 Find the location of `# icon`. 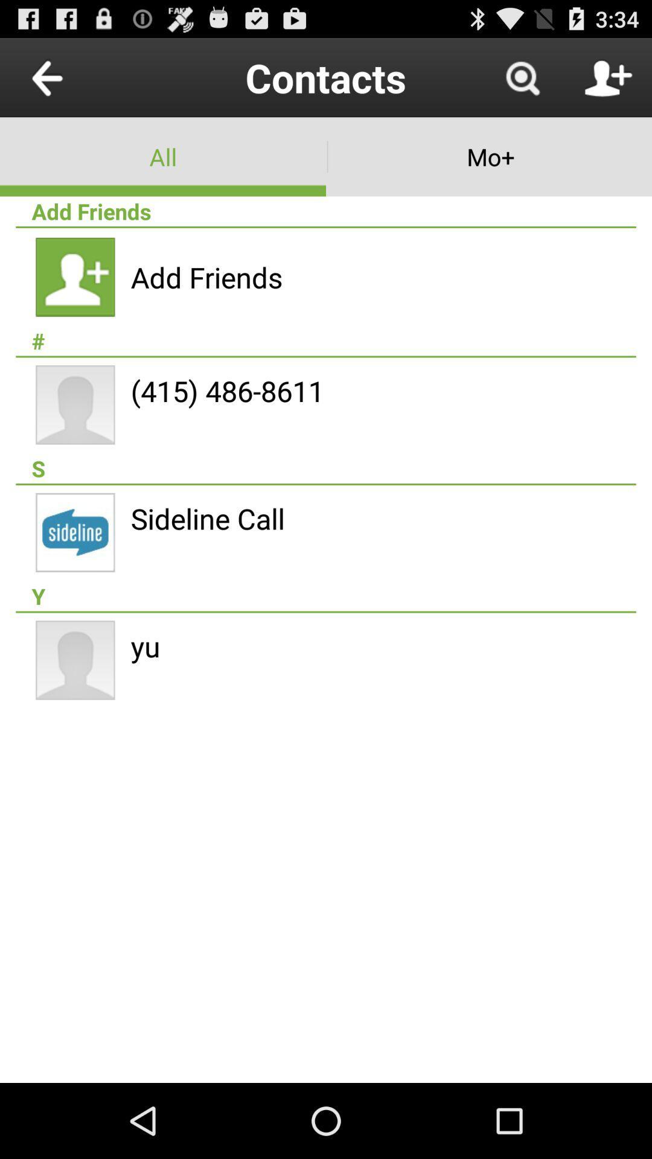

# icon is located at coordinates (326, 340).